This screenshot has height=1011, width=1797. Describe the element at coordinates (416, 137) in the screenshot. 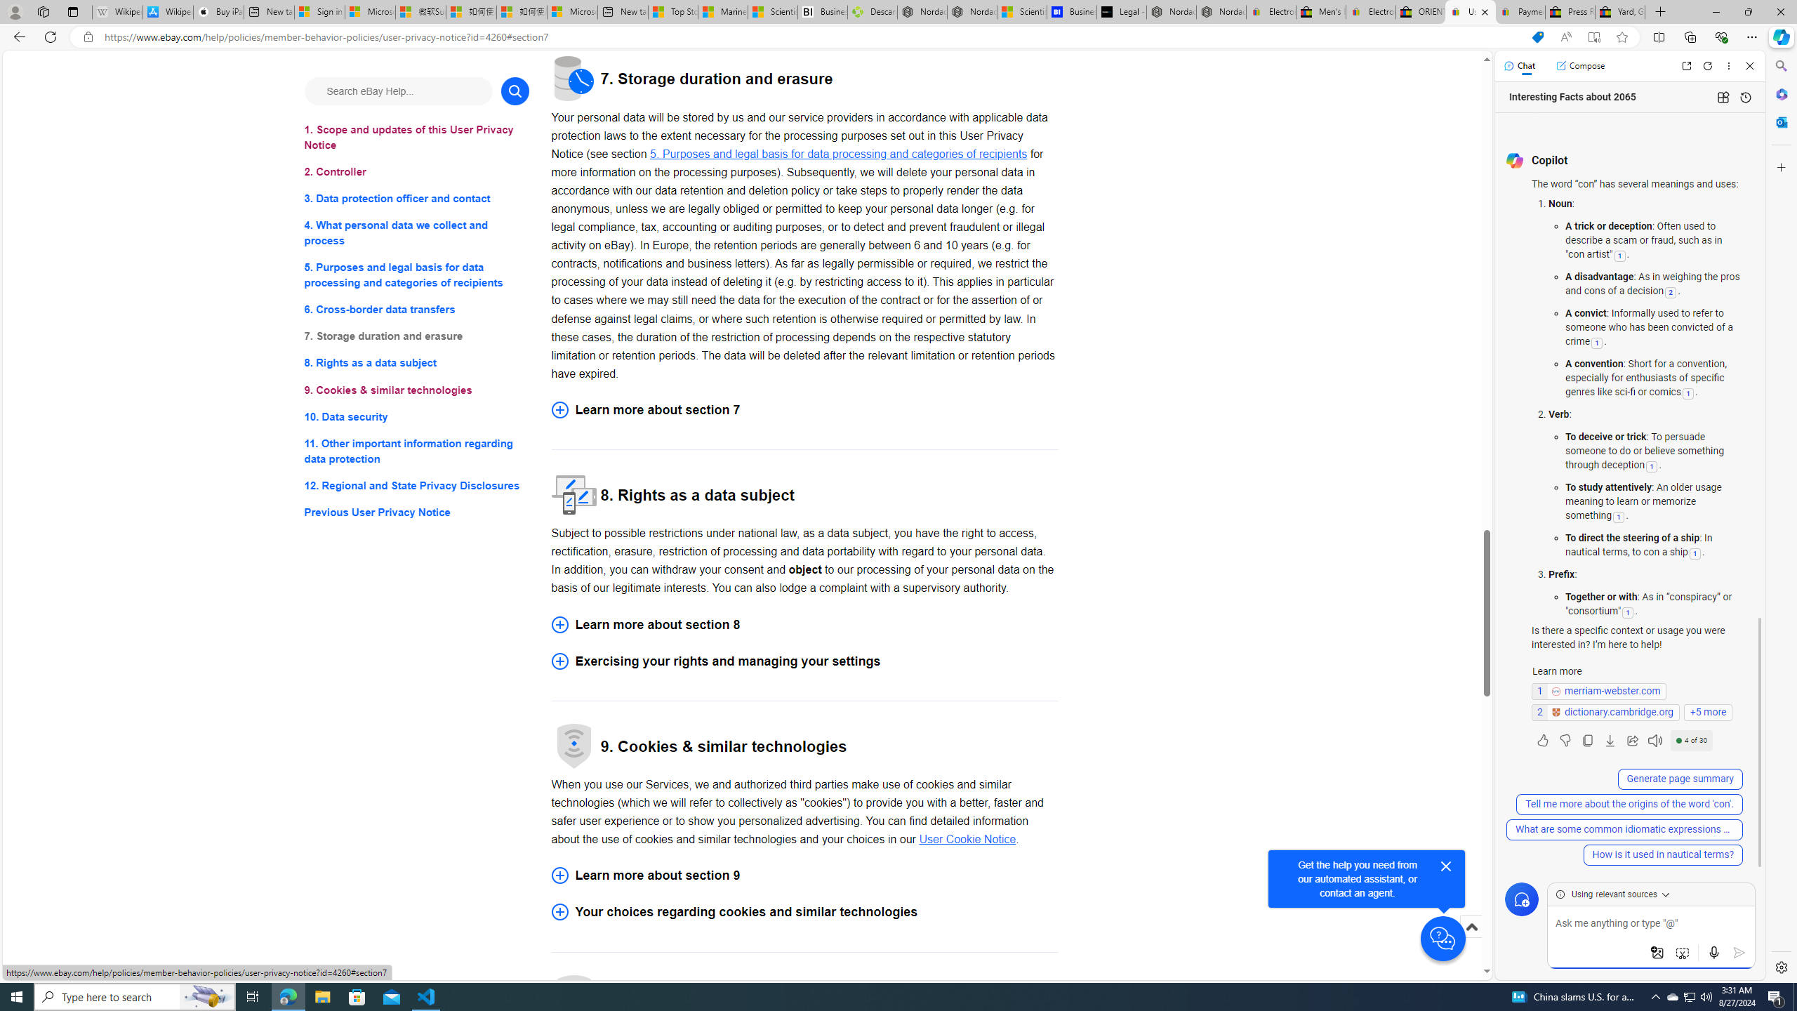

I see `'1. Scope and updates of this User Privacy Notice'` at that location.